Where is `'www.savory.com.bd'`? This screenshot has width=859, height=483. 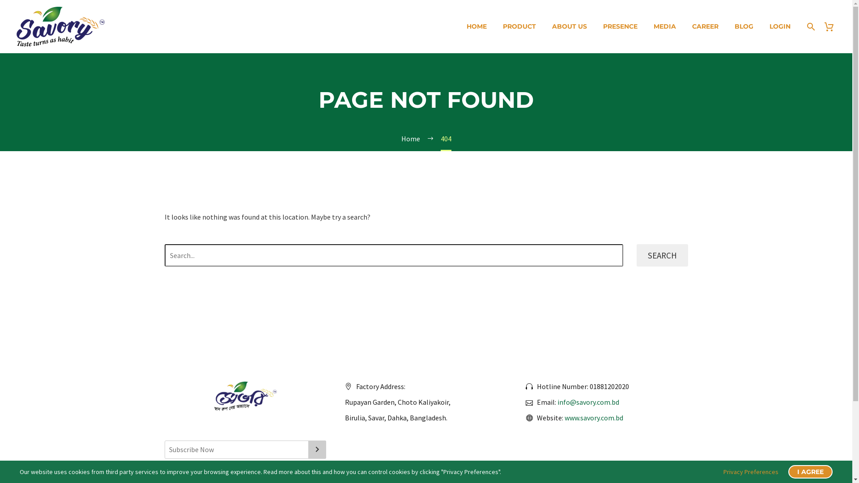
'www.savory.com.bd' is located at coordinates (594, 418).